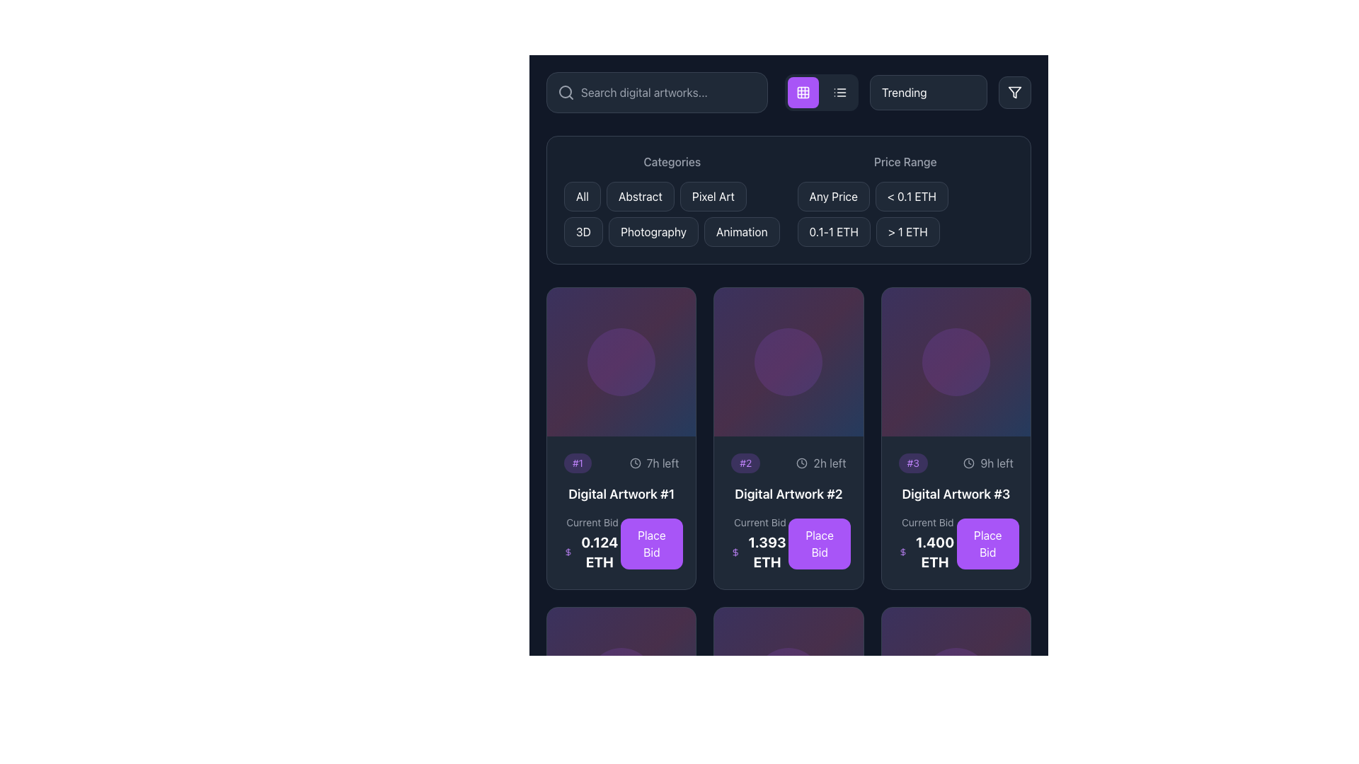 This screenshot has width=1359, height=764. What do you see at coordinates (956, 463) in the screenshot?
I see `the label with the identifier '#3' and the time remaining '9h left' located at the top of the card labeled 'Digital Artwork #3' in the third column of the grid layout` at bounding box center [956, 463].